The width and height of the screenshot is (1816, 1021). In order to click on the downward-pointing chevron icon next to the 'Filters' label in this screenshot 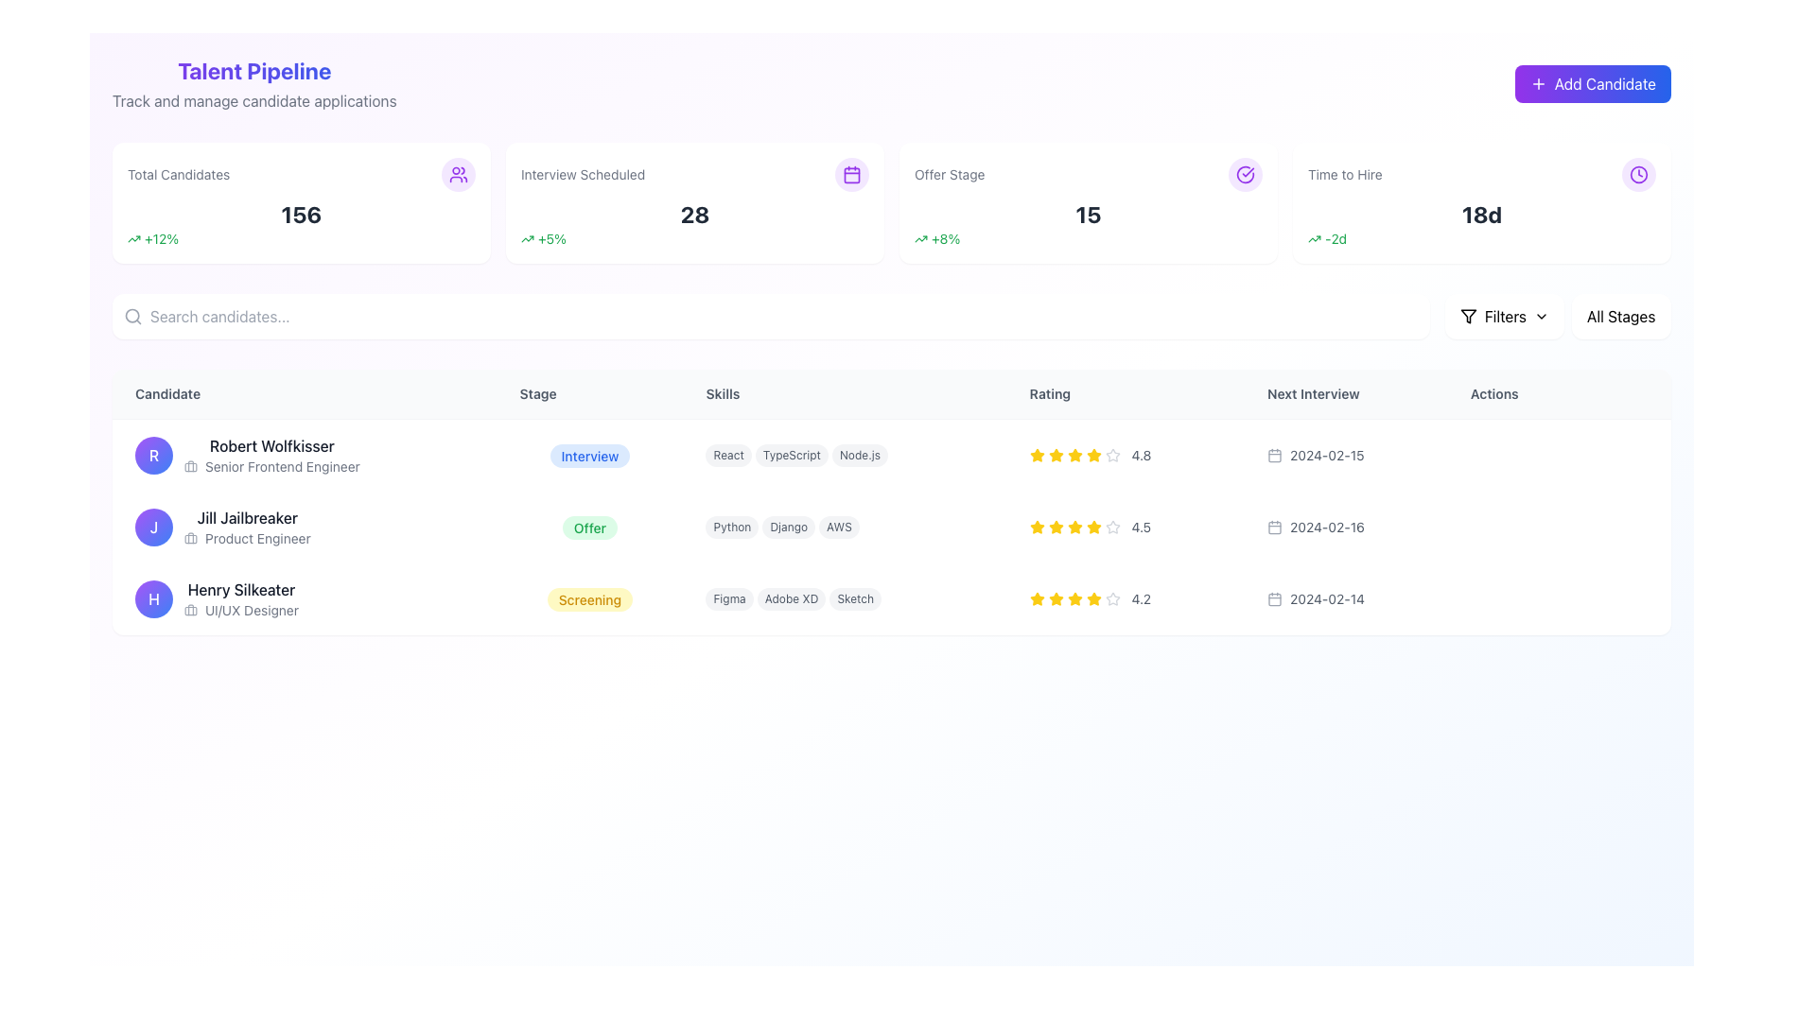, I will do `click(1542, 316)`.